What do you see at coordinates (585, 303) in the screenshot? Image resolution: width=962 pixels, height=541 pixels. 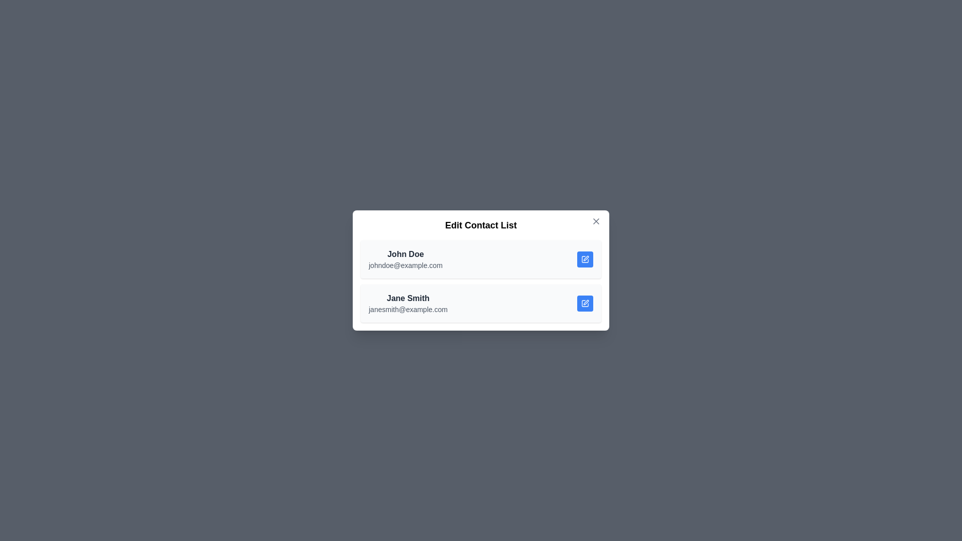 I see `edit button next to the contact with the name Jane Smith` at bounding box center [585, 303].